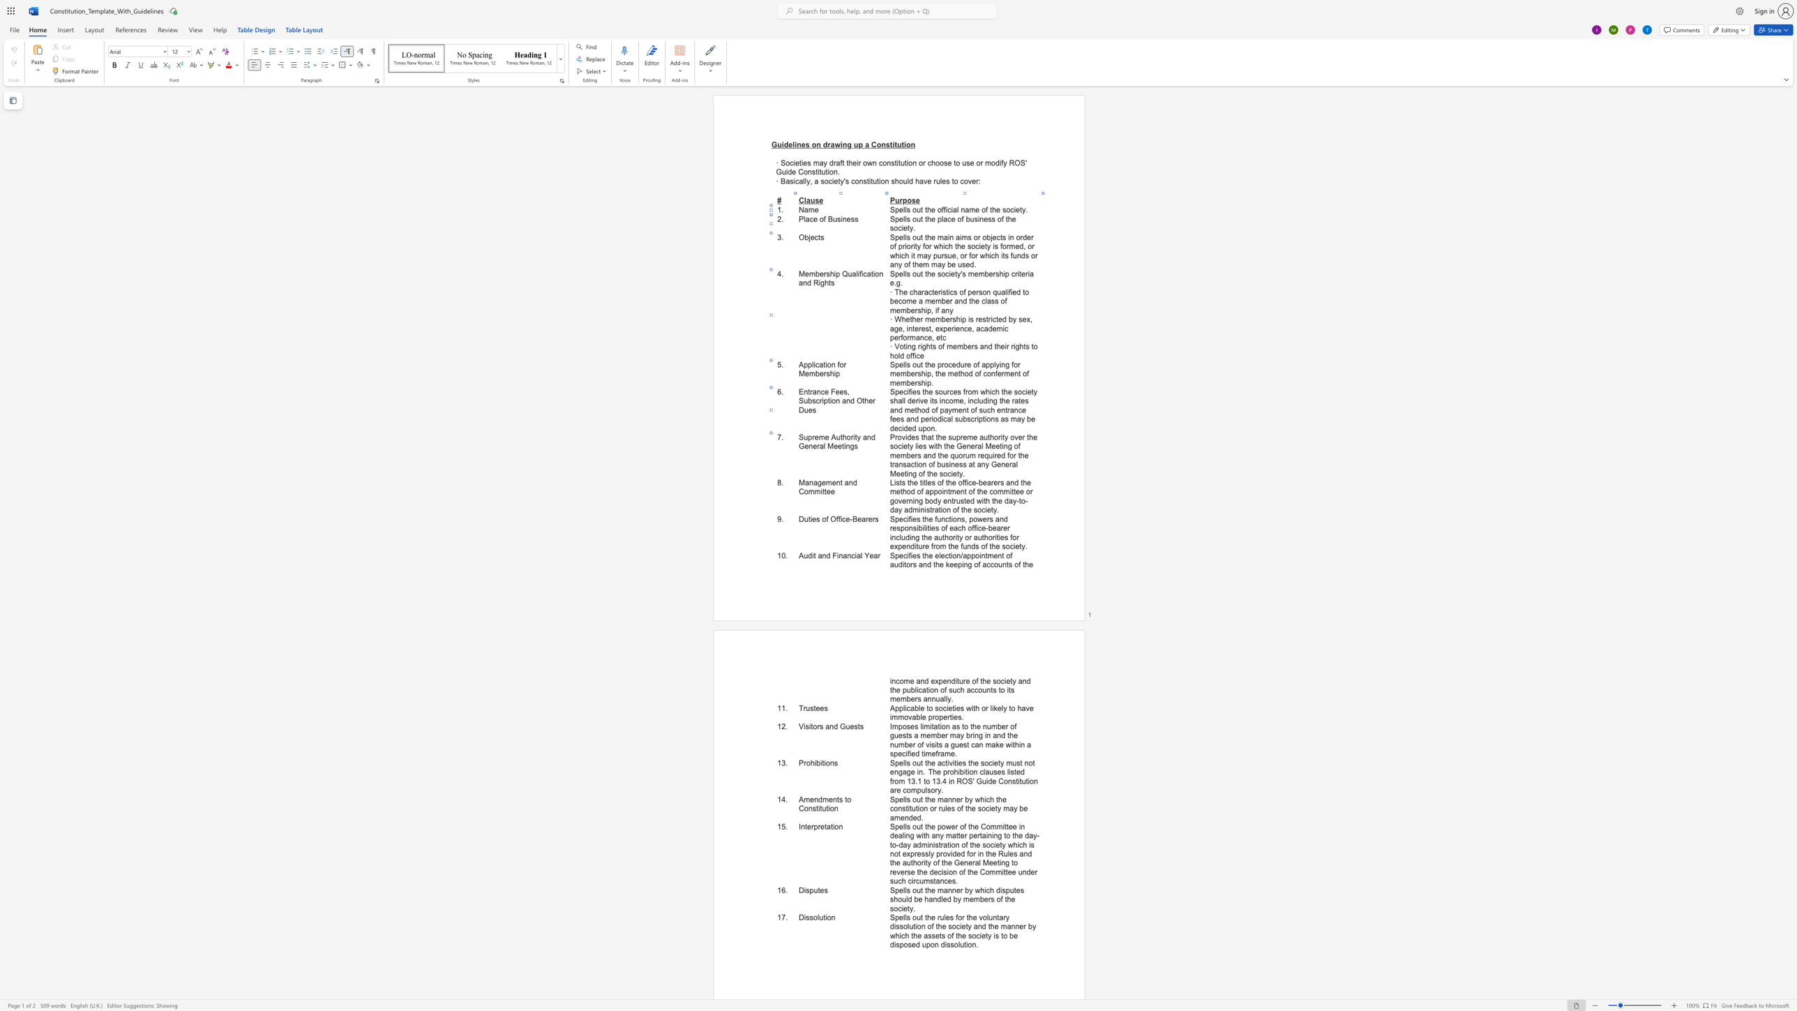 Image resolution: width=1797 pixels, height=1011 pixels. What do you see at coordinates (838, 437) in the screenshot?
I see `the 2th character "u" in the text` at bounding box center [838, 437].